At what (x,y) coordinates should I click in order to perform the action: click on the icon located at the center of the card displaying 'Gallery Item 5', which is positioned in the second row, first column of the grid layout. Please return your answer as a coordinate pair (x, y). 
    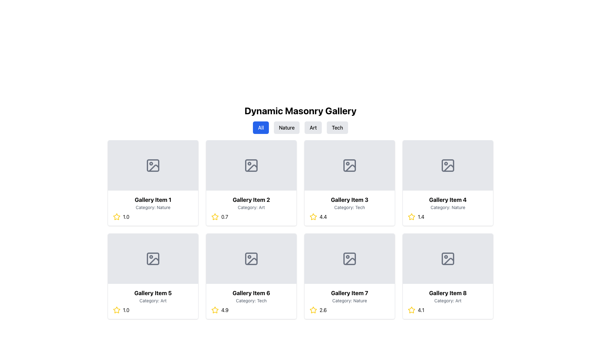
    Looking at the image, I should click on (153, 259).